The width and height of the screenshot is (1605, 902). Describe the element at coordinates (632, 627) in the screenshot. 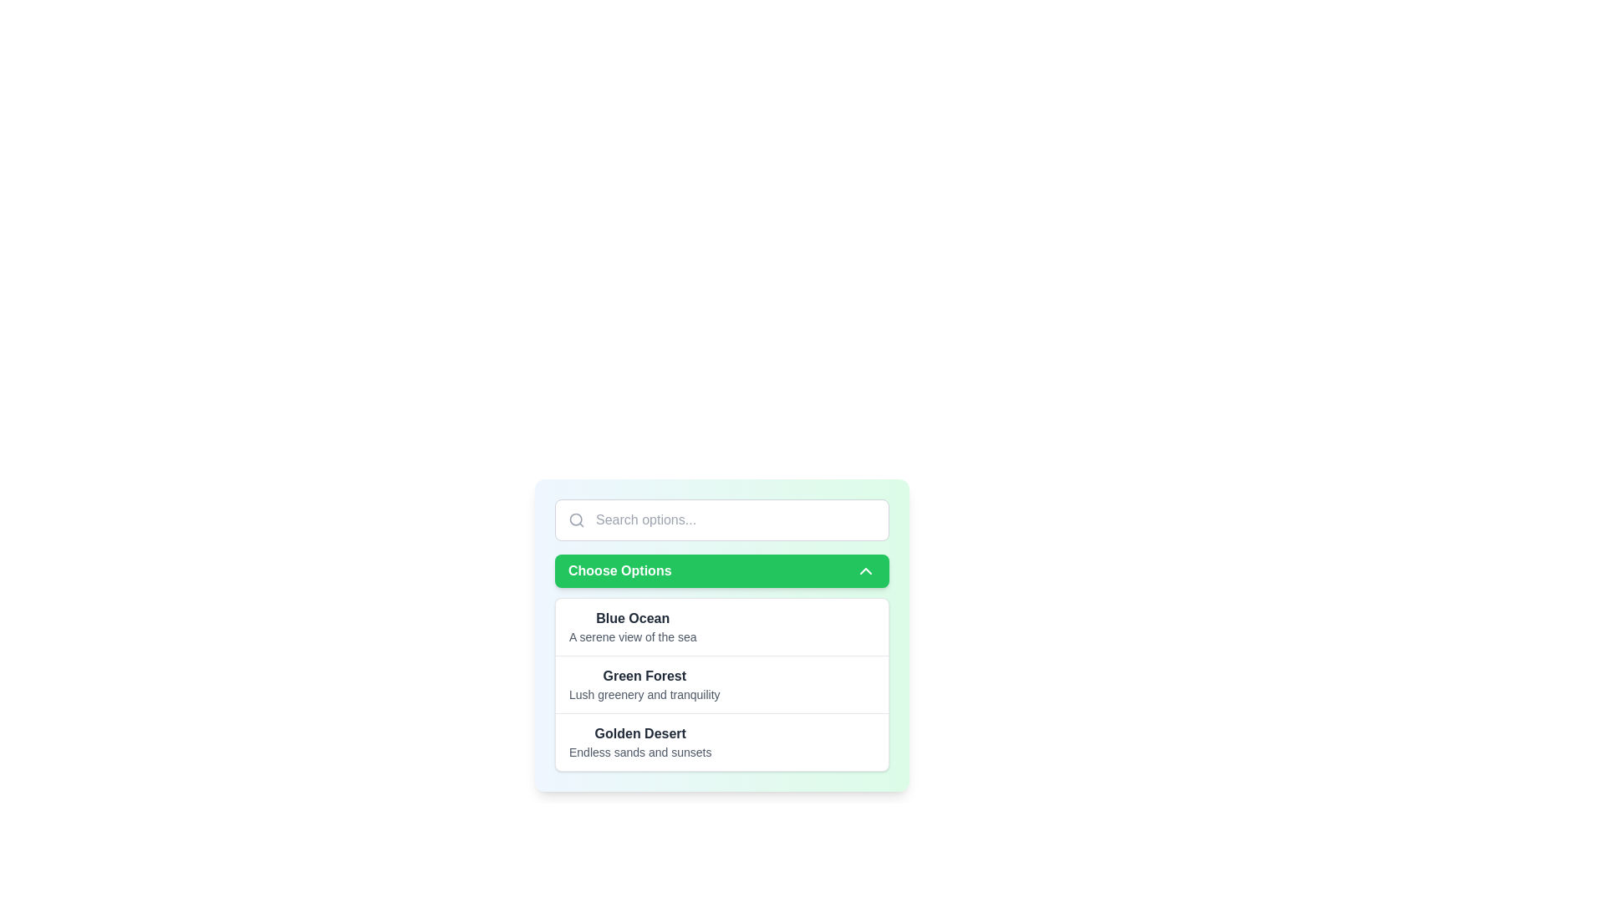

I see `the first item in the dropdown list titled 'Choose Options'` at that location.